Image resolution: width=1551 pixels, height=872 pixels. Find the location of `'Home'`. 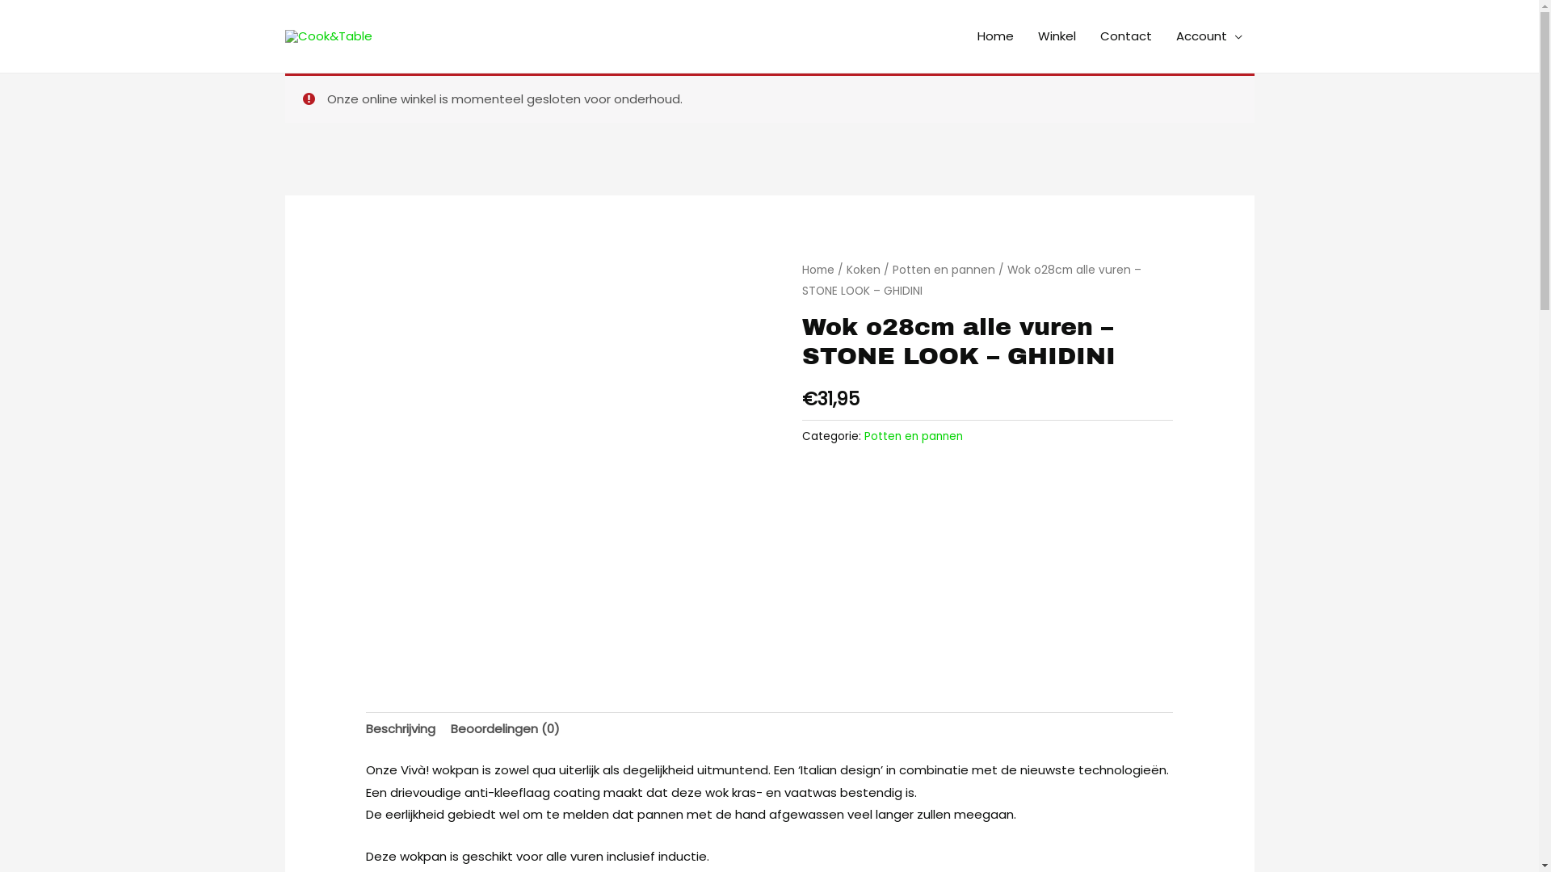

'Home' is located at coordinates (994, 36).